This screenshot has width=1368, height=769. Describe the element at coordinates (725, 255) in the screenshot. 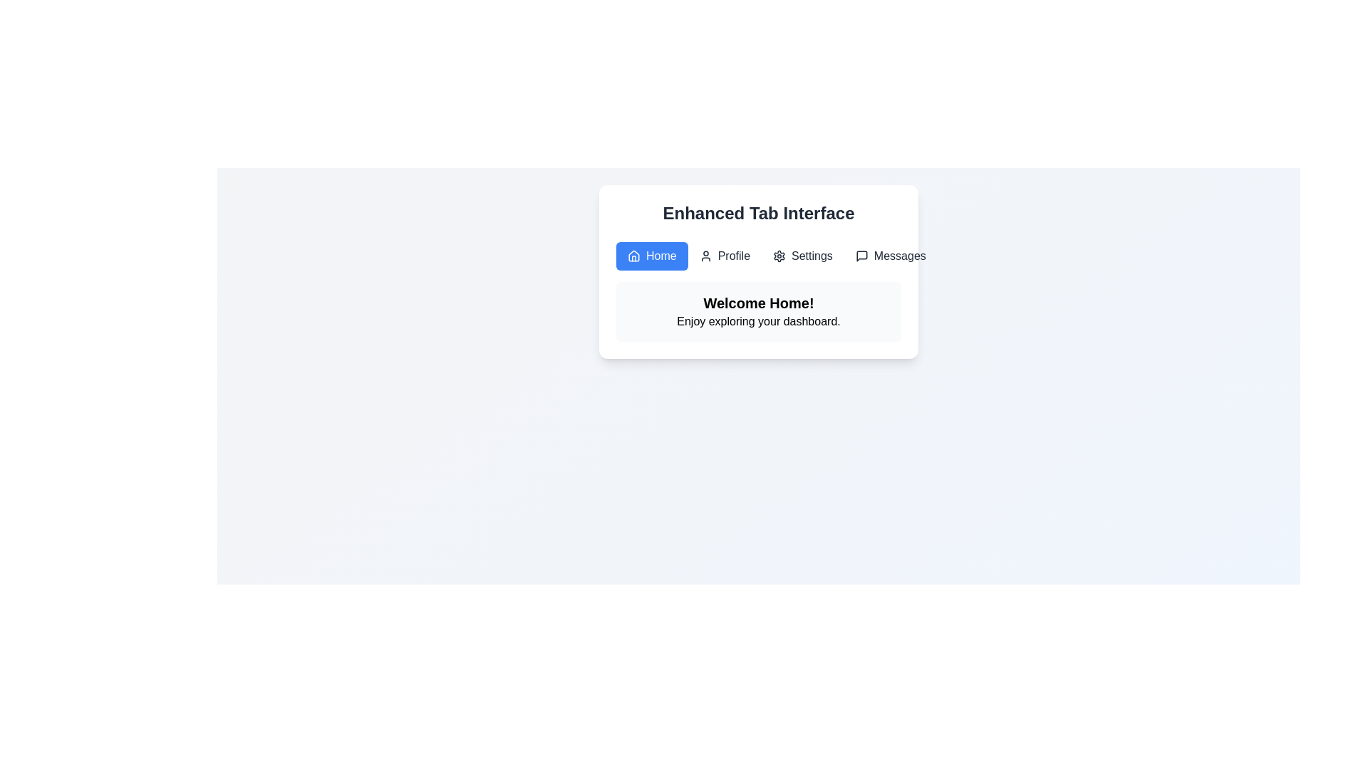

I see `the 'Profile' navigation button located in the second position from the left in the navigation bar` at that location.